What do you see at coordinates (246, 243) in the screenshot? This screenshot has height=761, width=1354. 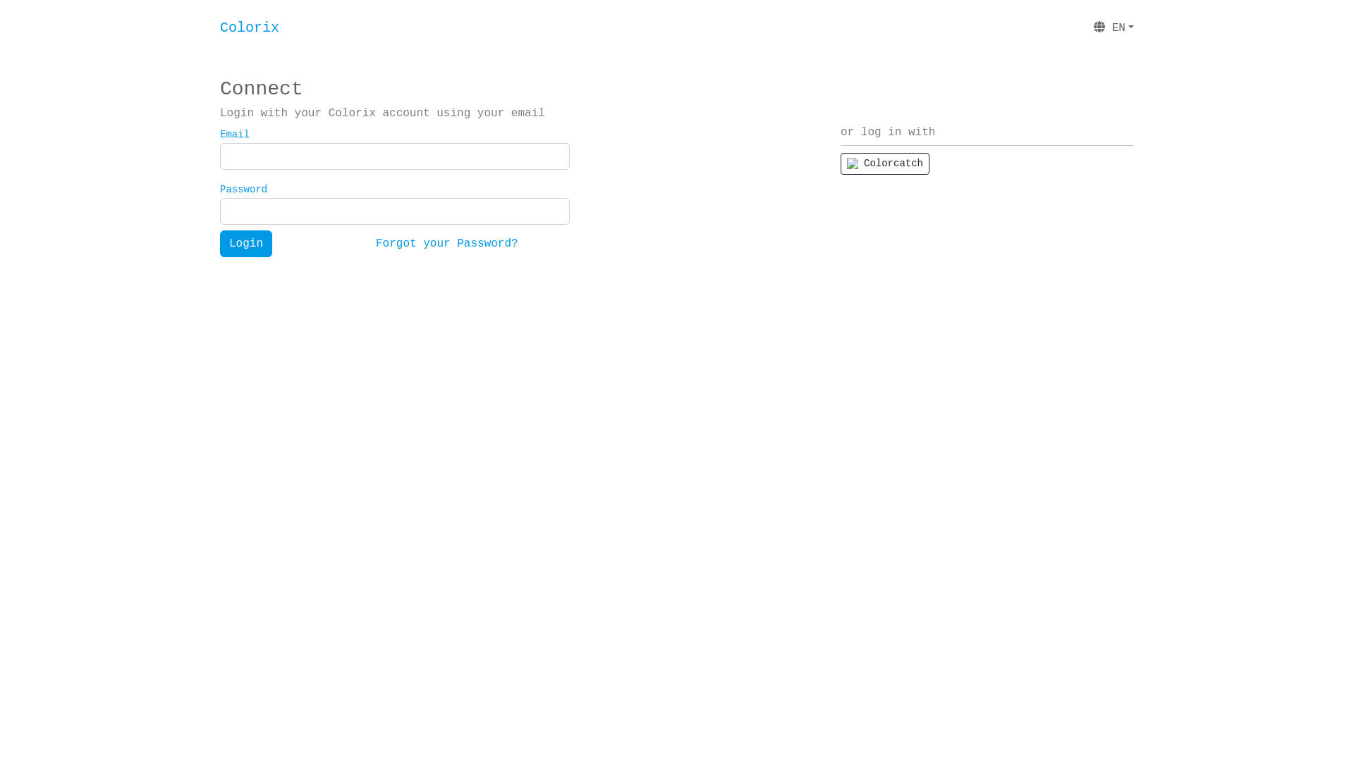 I see `'Login'` at bounding box center [246, 243].